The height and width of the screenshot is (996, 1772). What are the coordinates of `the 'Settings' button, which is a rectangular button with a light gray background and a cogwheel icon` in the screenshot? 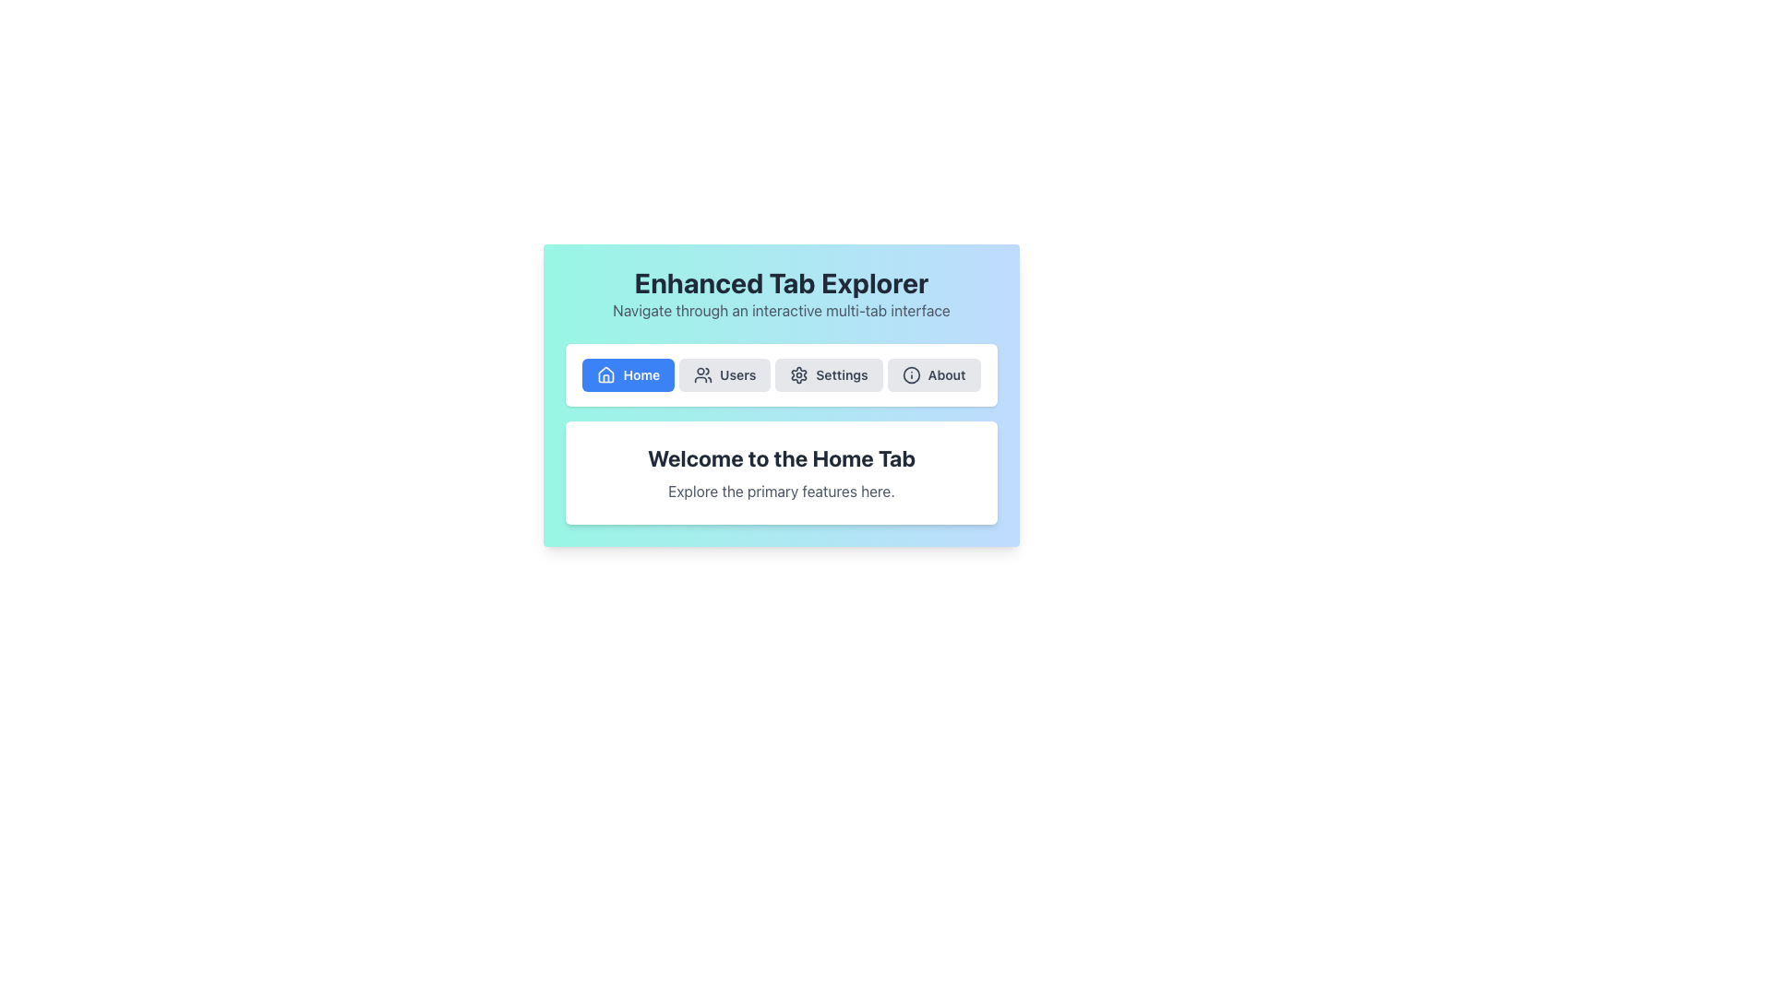 It's located at (828, 374).